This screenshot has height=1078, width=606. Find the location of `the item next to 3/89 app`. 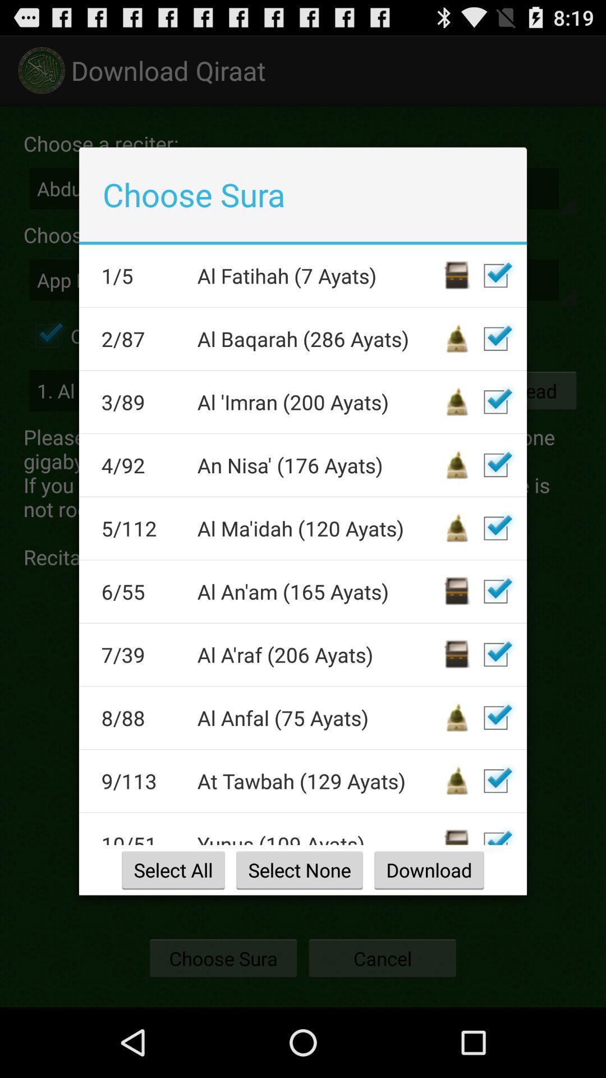

the item next to 3/89 app is located at coordinates (319, 402).